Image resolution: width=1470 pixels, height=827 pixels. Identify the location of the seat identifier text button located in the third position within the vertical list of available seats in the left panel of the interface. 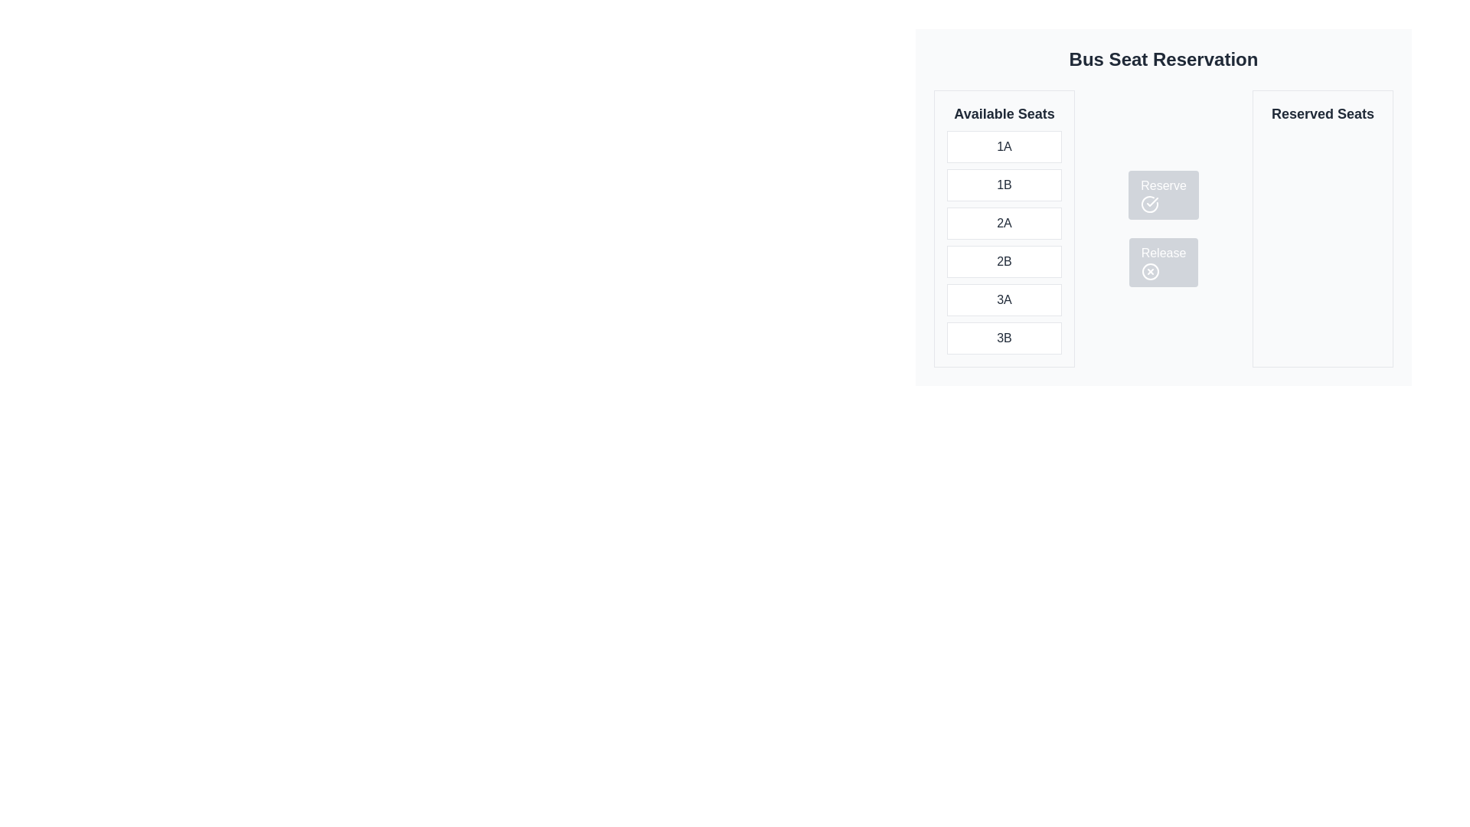
(1004, 224).